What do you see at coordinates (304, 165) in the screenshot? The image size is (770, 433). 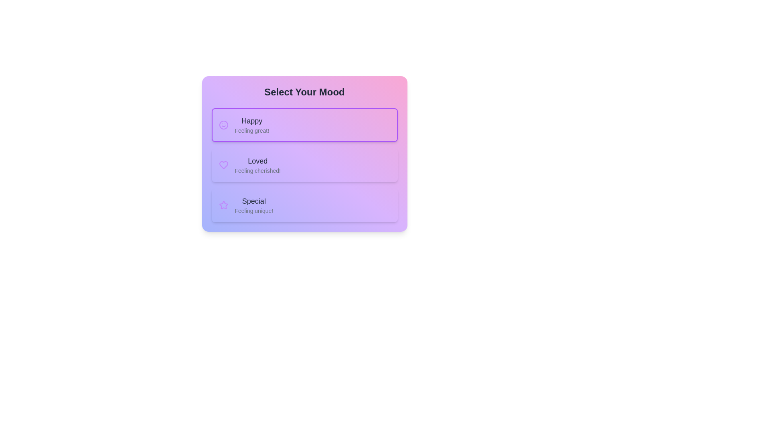 I see `the group of mood selection buttons arranged in a vertical column` at bounding box center [304, 165].